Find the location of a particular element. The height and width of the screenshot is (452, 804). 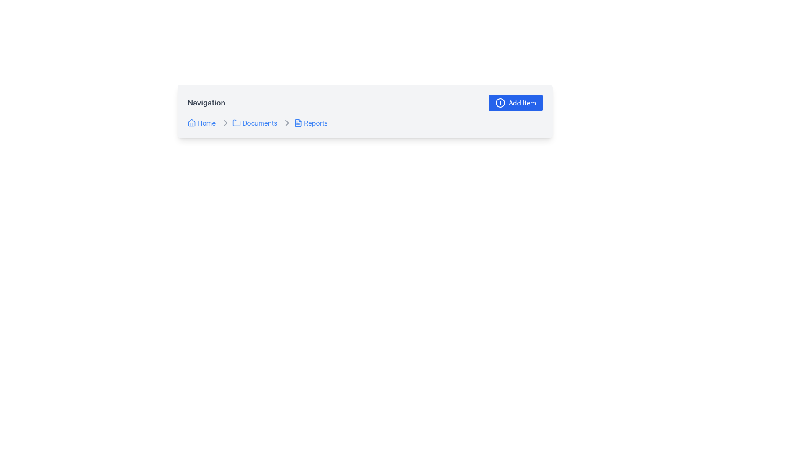

the 'Home' icon in the navigation bar is located at coordinates (191, 123).